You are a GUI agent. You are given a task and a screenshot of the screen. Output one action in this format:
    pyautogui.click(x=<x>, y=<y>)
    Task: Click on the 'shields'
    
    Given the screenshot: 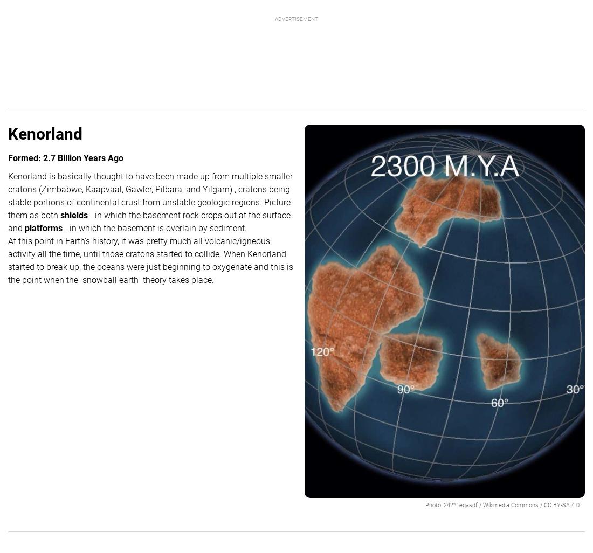 What is the action you would take?
    pyautogui.click(x=74, y=214)
    